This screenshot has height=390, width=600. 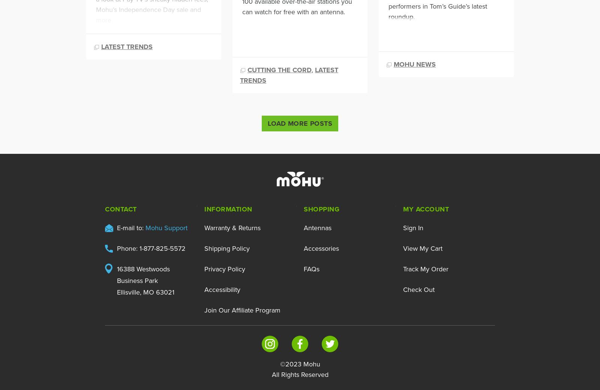 What do you see at coordinates (242, 310) in the screenshot?
I see `'Join Our Affiliate Program'` at bounding box center [242, 310].